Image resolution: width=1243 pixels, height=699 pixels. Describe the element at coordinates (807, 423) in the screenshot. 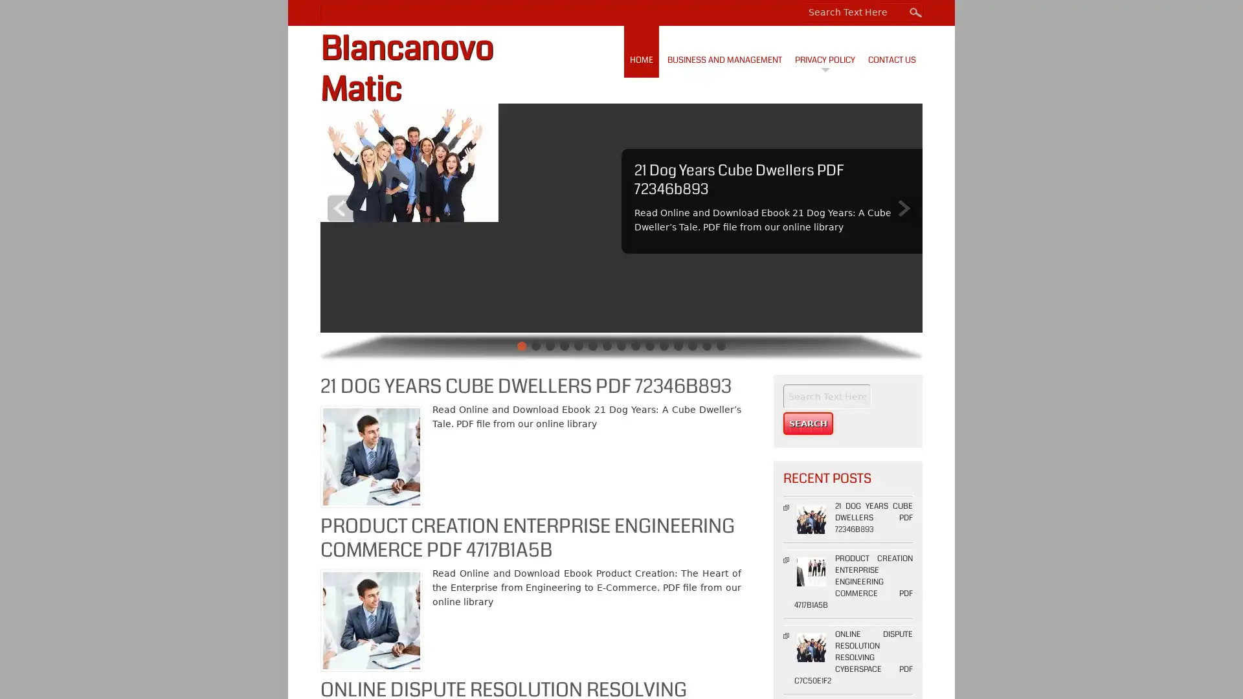

I see `Search` at that location.